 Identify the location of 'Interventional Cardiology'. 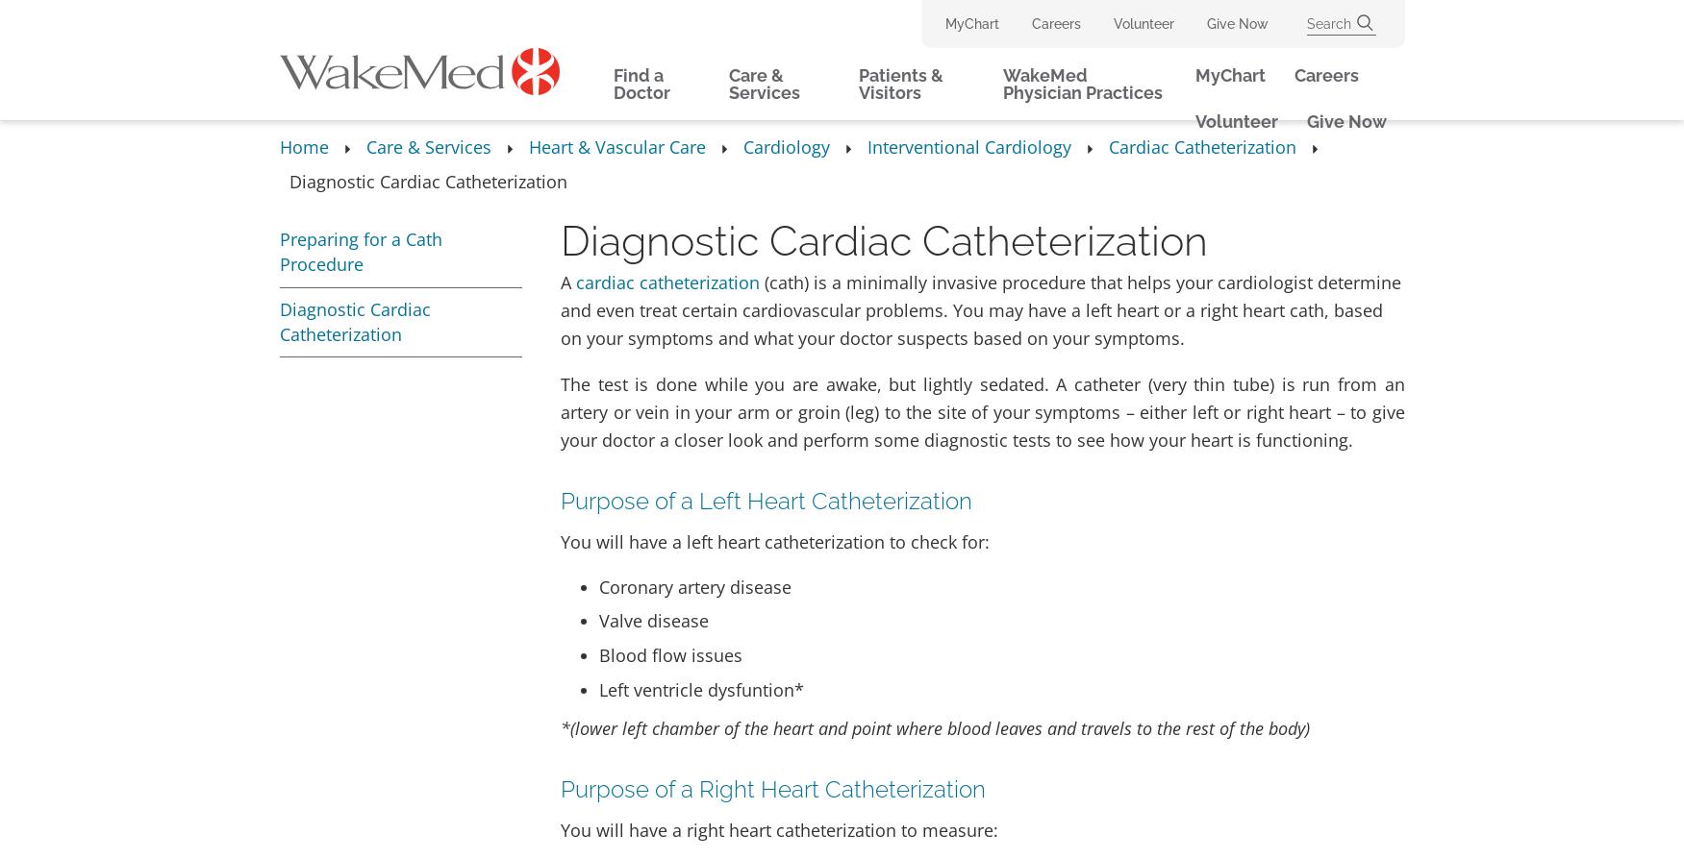
(968, 146).